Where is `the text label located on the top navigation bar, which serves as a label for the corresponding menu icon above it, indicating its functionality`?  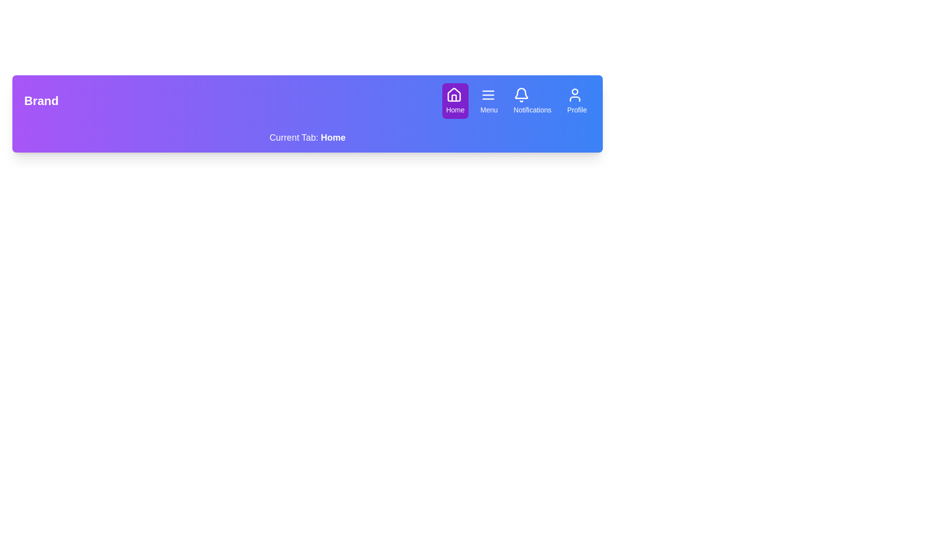
the text label located on the top navigation bar, which serves as a label for the corresponding menu icon above it, indicating its functionality is located at coordinates (489, 110).